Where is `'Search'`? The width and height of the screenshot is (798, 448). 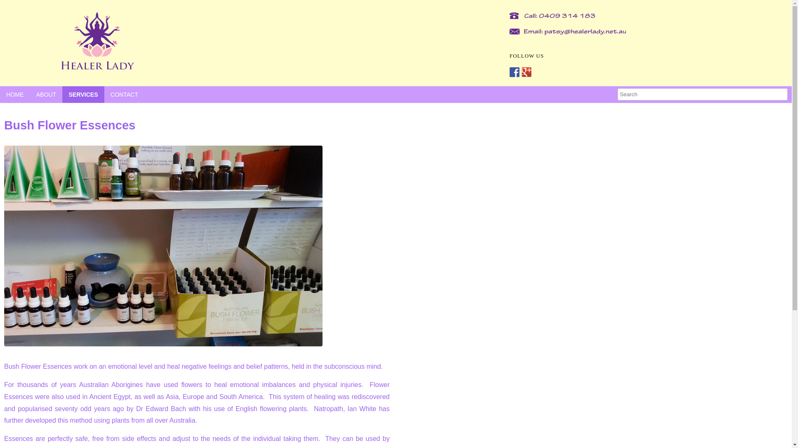
'Search' is located at coordinates (0, 5).